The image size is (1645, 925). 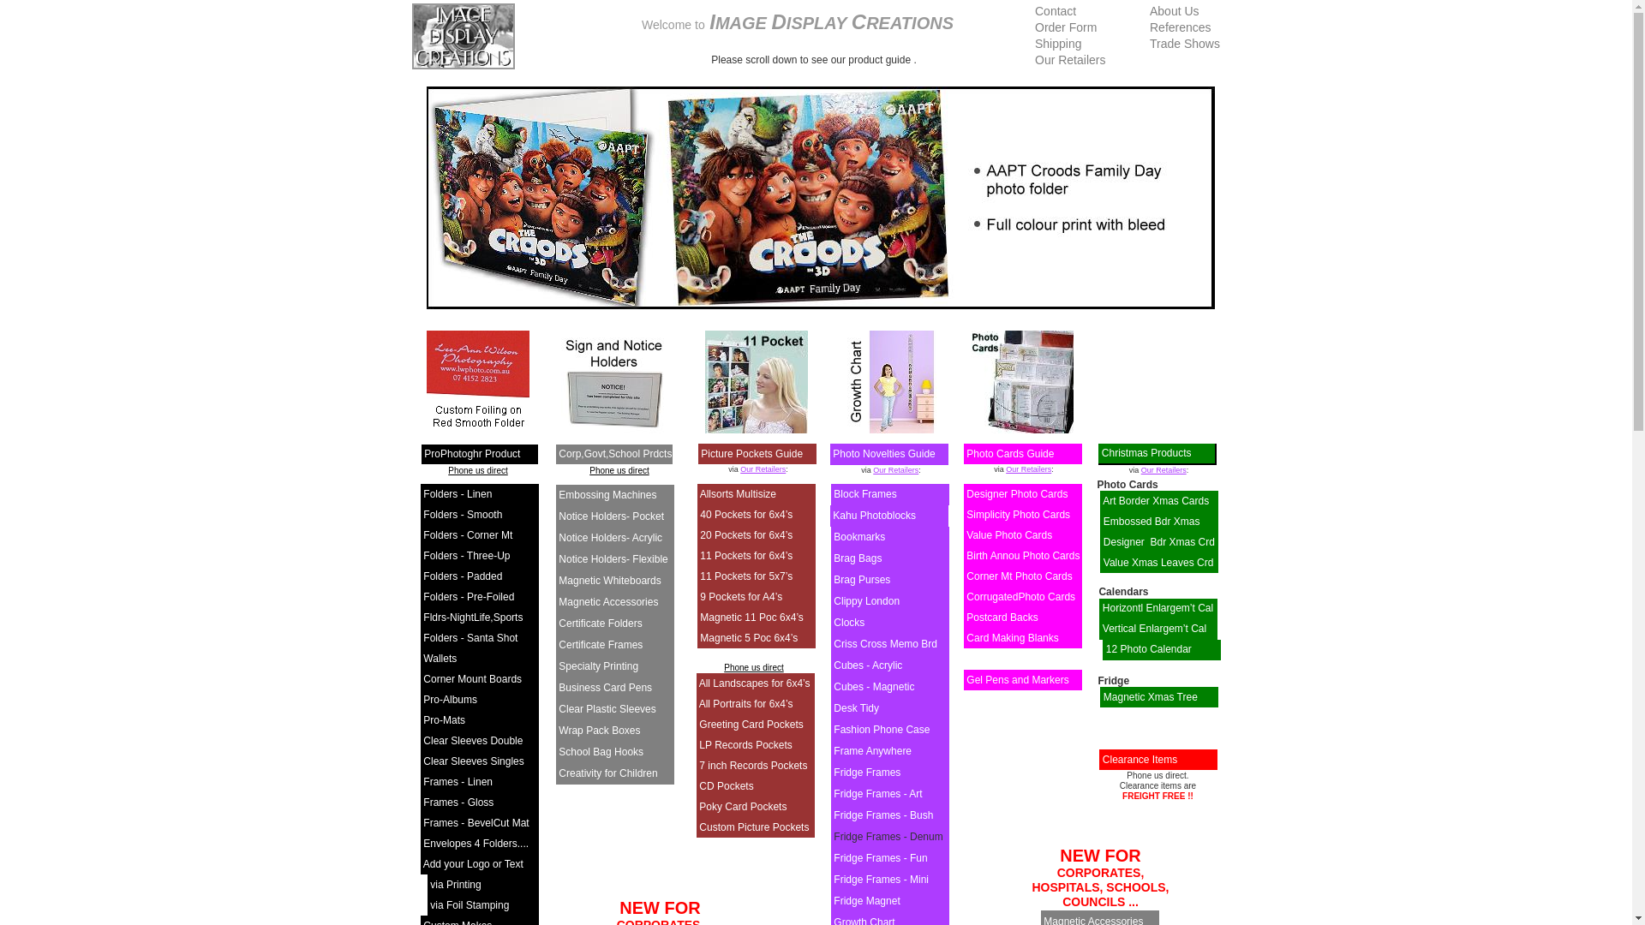 I want to click on 'Kahu Photoblocks', so click(x=874, y=514).